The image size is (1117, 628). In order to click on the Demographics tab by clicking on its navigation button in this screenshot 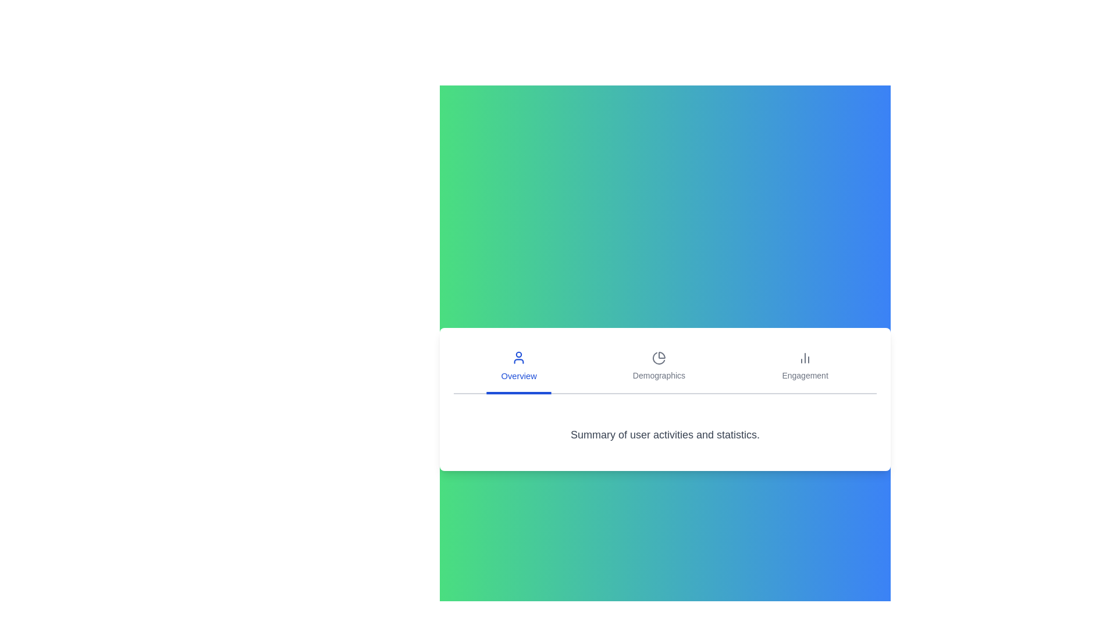, I will do `click(659, 367)`.